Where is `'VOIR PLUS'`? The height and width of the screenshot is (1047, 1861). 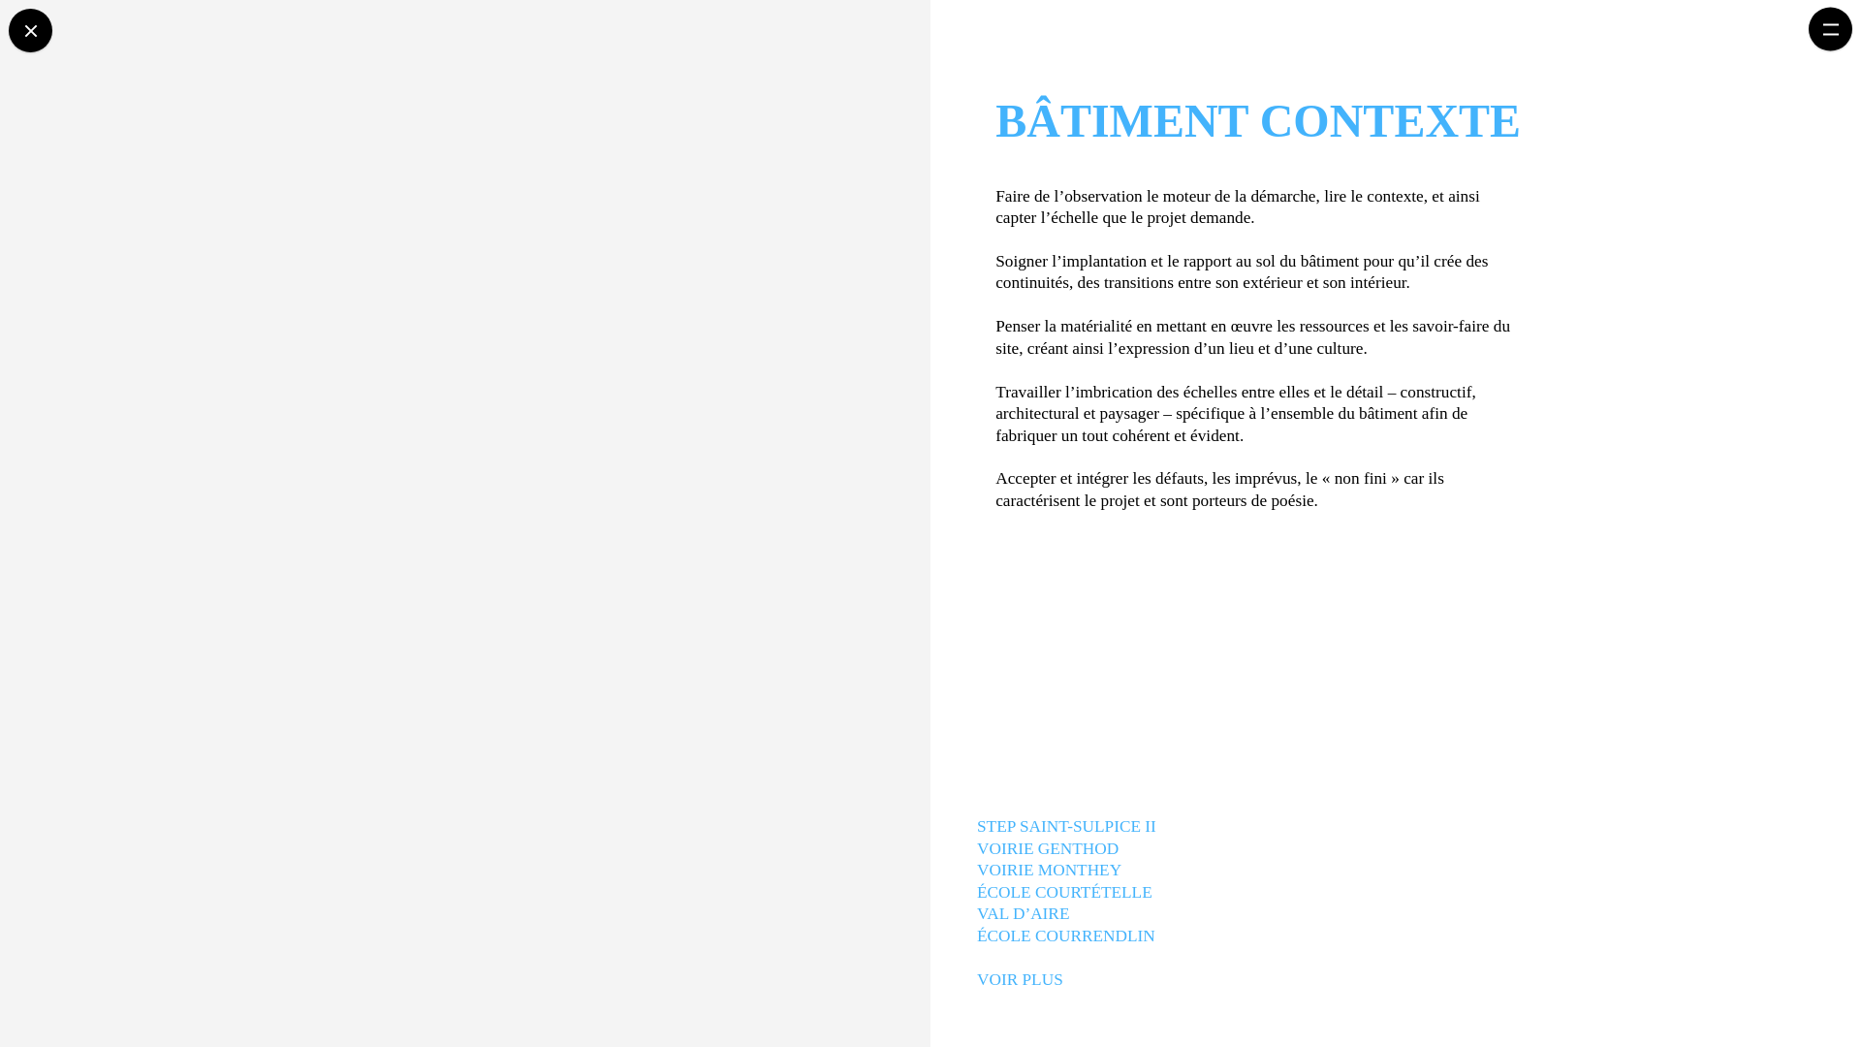 'VOIR PLUS' is located at coordinates (1020, 979).